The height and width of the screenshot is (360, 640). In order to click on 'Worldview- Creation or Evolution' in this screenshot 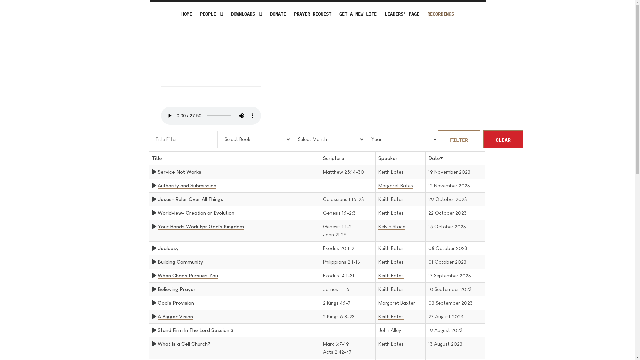, I will do `click(195, 213)`.